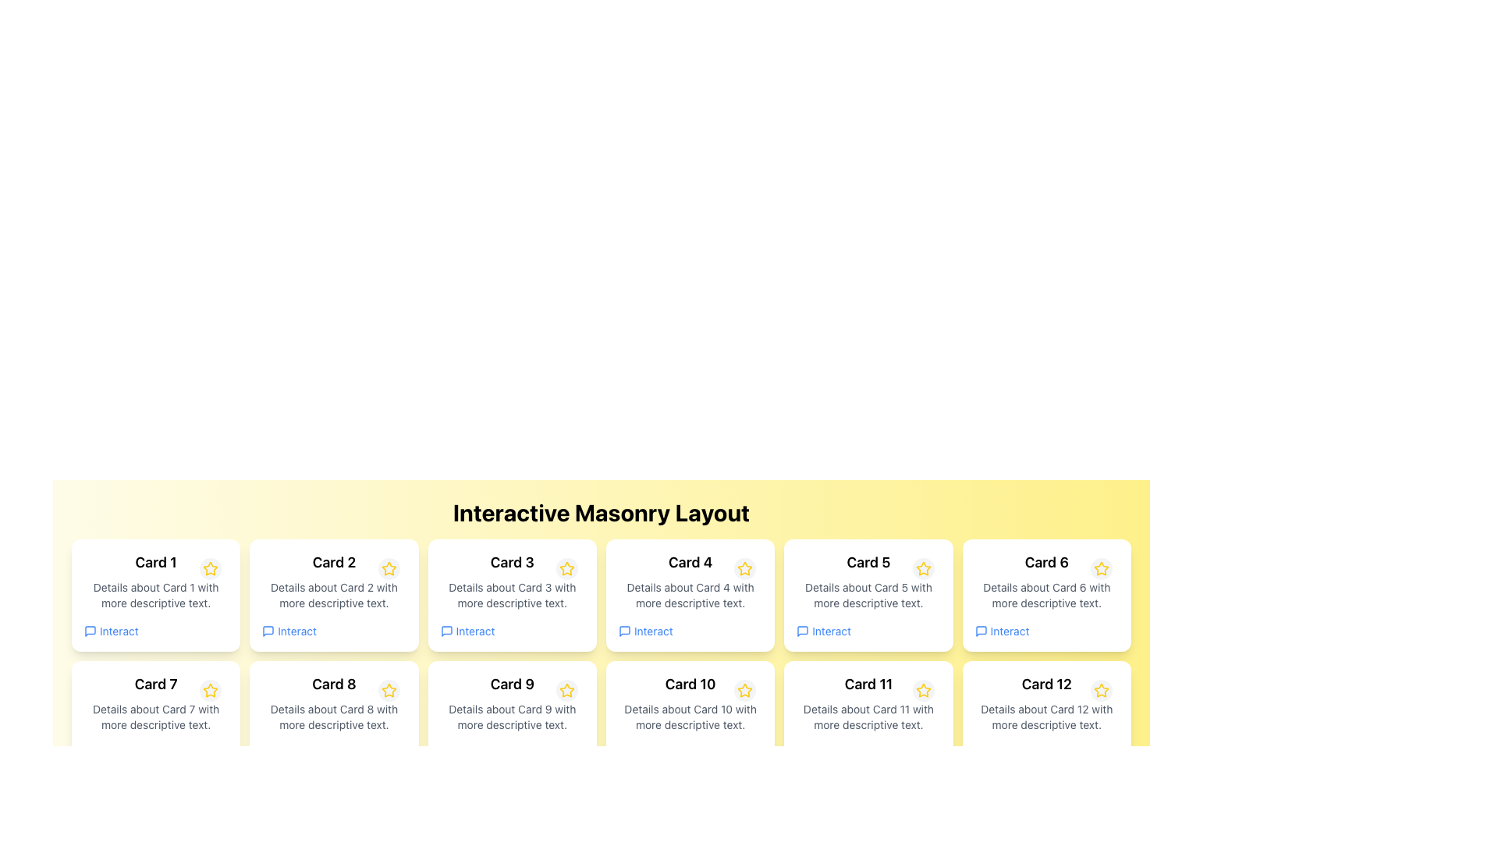 This screenshot has height=843, width=1498. Describe the element at coordinates (566, 689) in the screenshot. I see `the star button located at the top-right edge of 'Card 9' to mark the card as important or favorite` at that location.